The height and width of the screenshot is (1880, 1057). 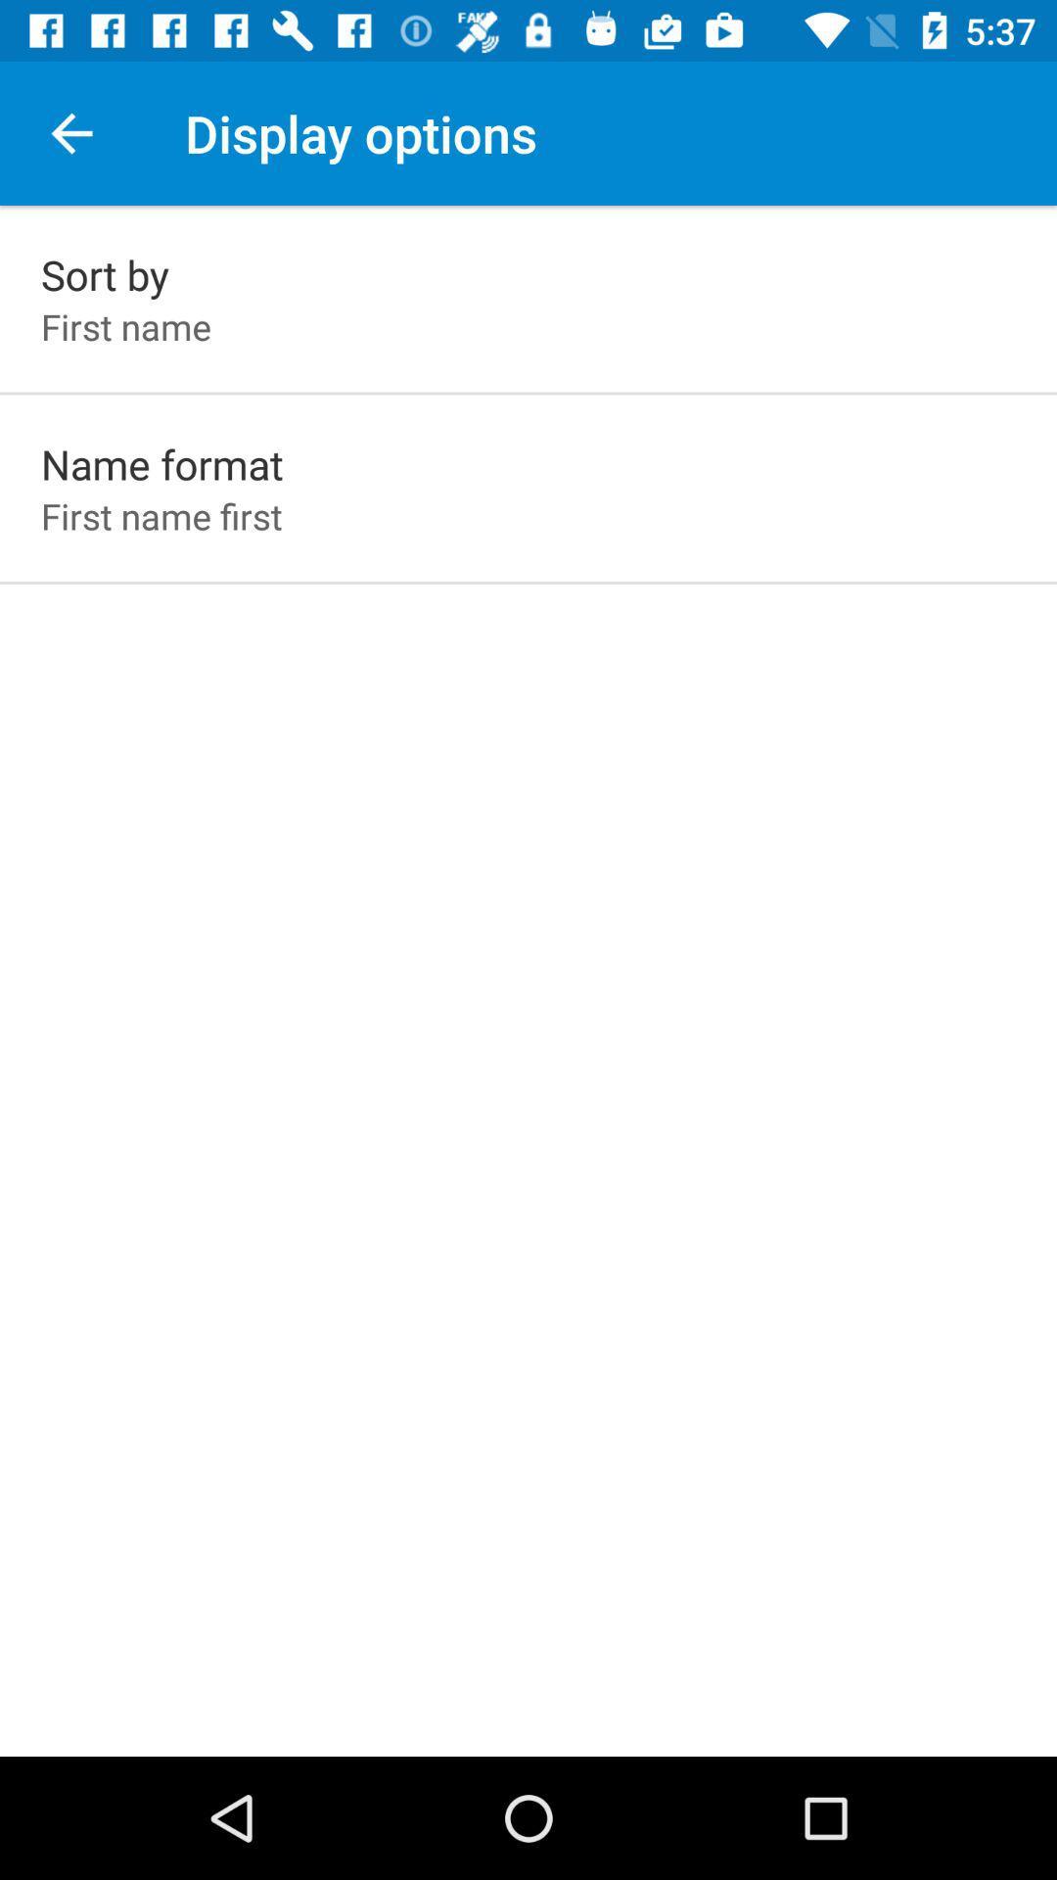 What do you see at coordinates (161, 463) in the screenshot?
I see `name format app` at bounding box center [161, 463].